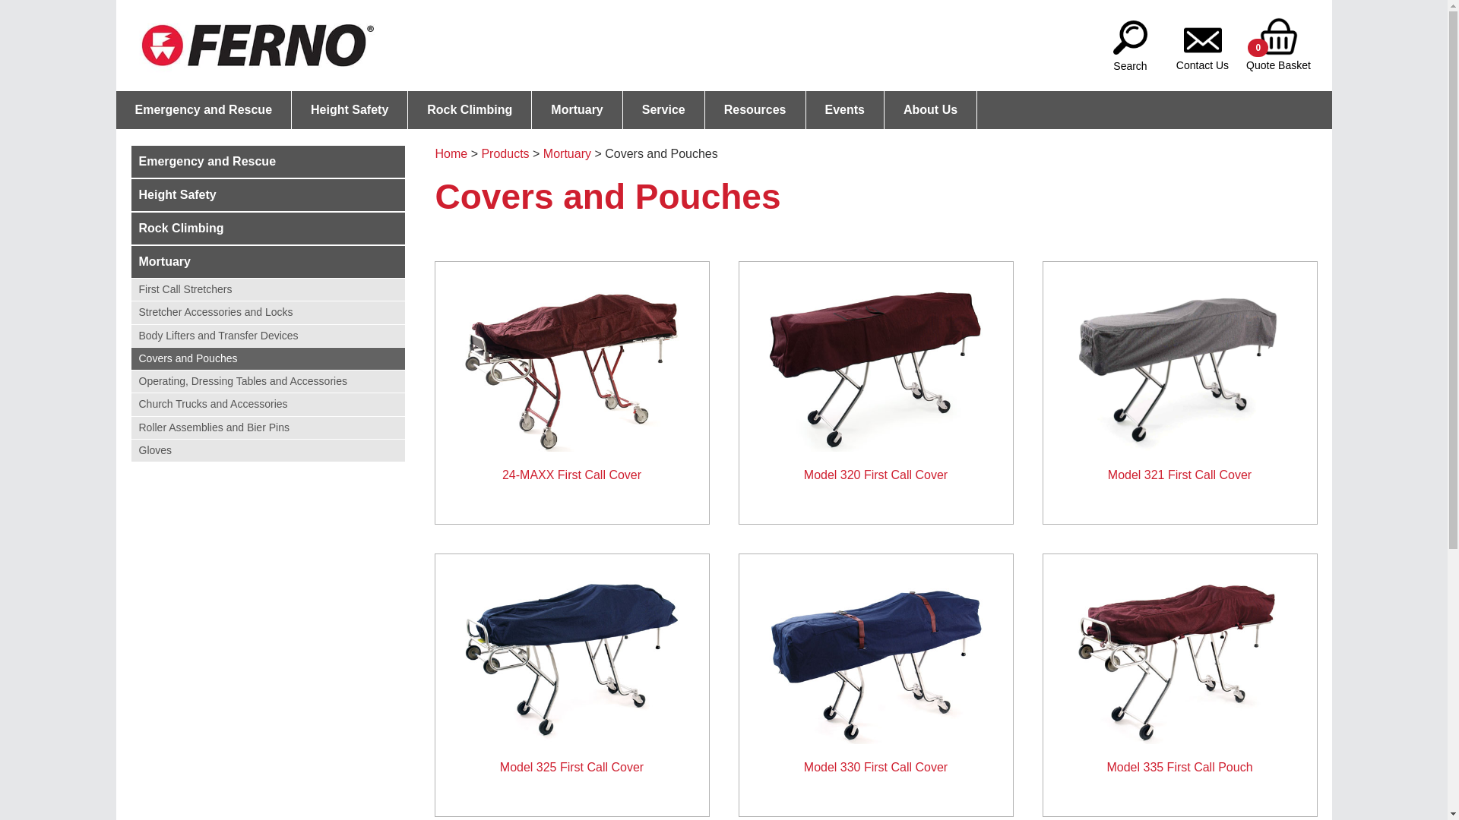 The height and width of the screenshot is (820, 1459). What do you see at coordinates (844, 109) in the screenshot?
I see `'Events'` at bounding box center [844, 109].